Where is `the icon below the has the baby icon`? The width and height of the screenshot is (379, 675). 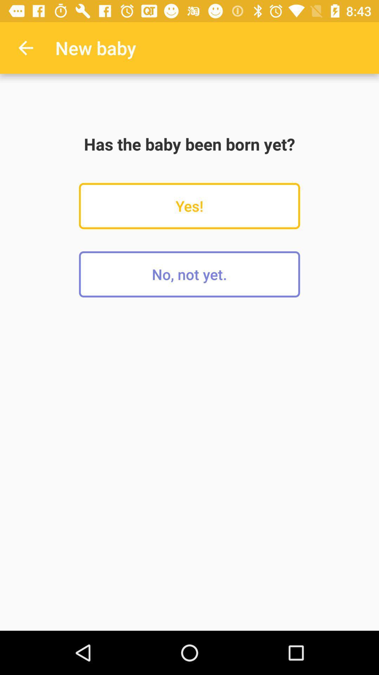 the icon below the has the baby icon is located at coordinates (189, 206).